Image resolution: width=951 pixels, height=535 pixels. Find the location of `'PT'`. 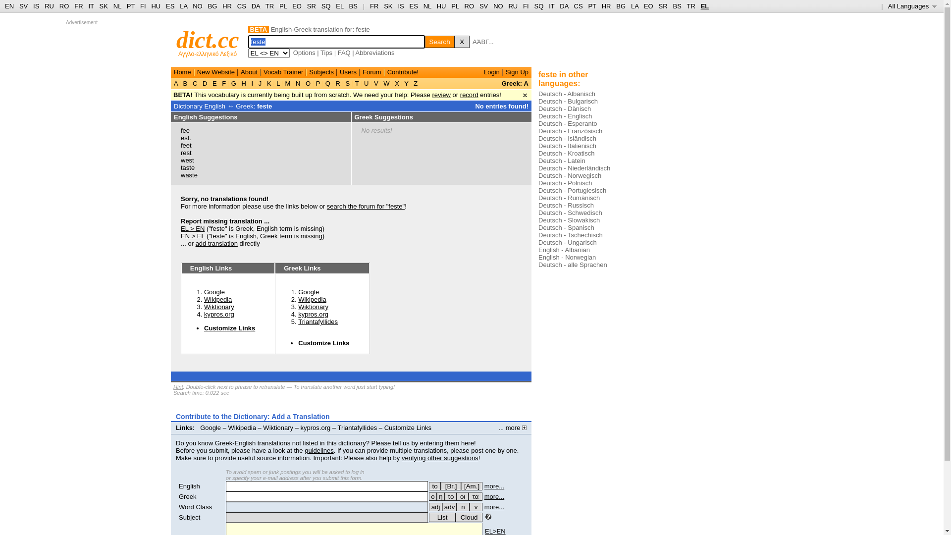

'PT' is located at coordinates (130, 6).